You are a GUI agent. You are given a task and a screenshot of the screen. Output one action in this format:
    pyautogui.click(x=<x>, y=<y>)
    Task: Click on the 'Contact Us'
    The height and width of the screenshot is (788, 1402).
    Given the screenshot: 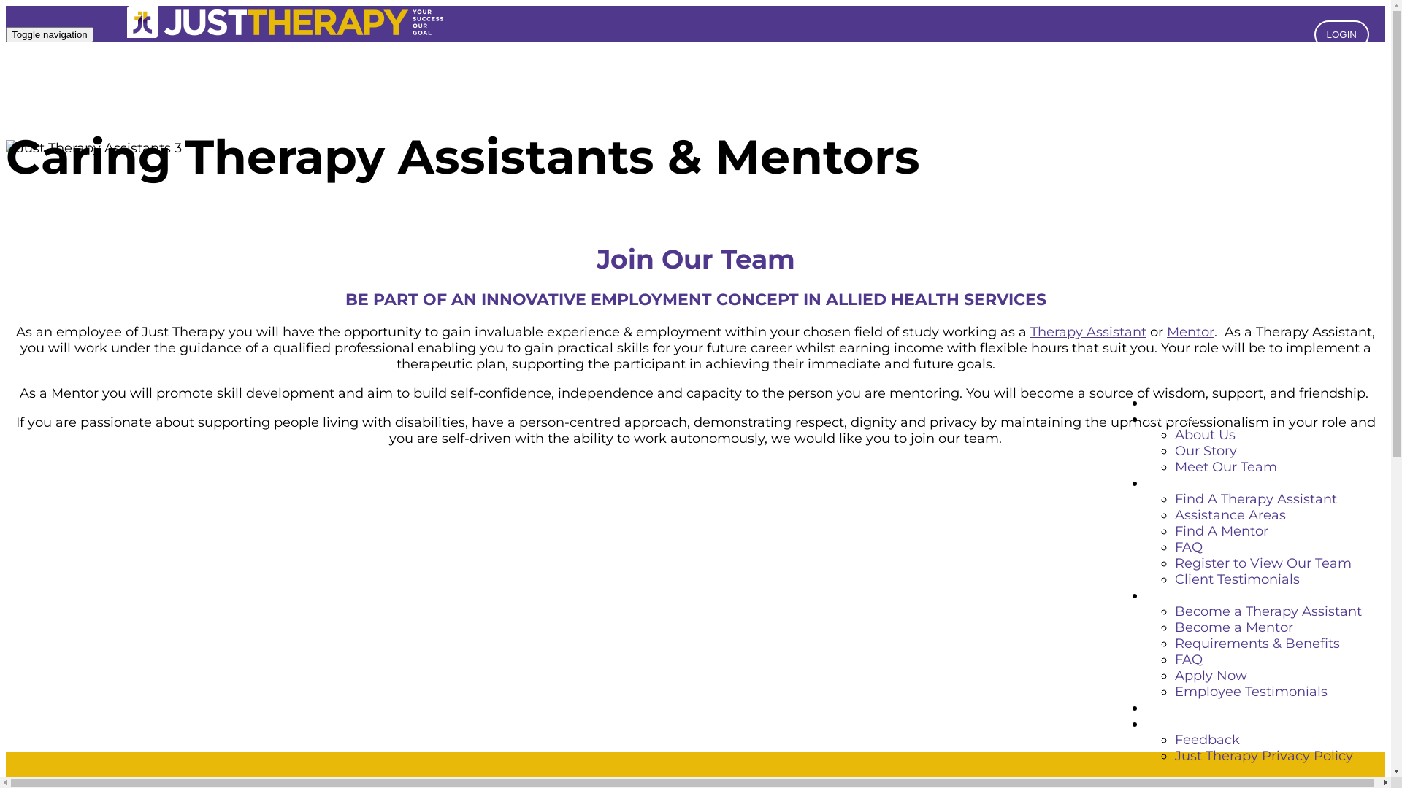 What is the action you would take?
    pyautogui.click(x=1181, y=706)
    